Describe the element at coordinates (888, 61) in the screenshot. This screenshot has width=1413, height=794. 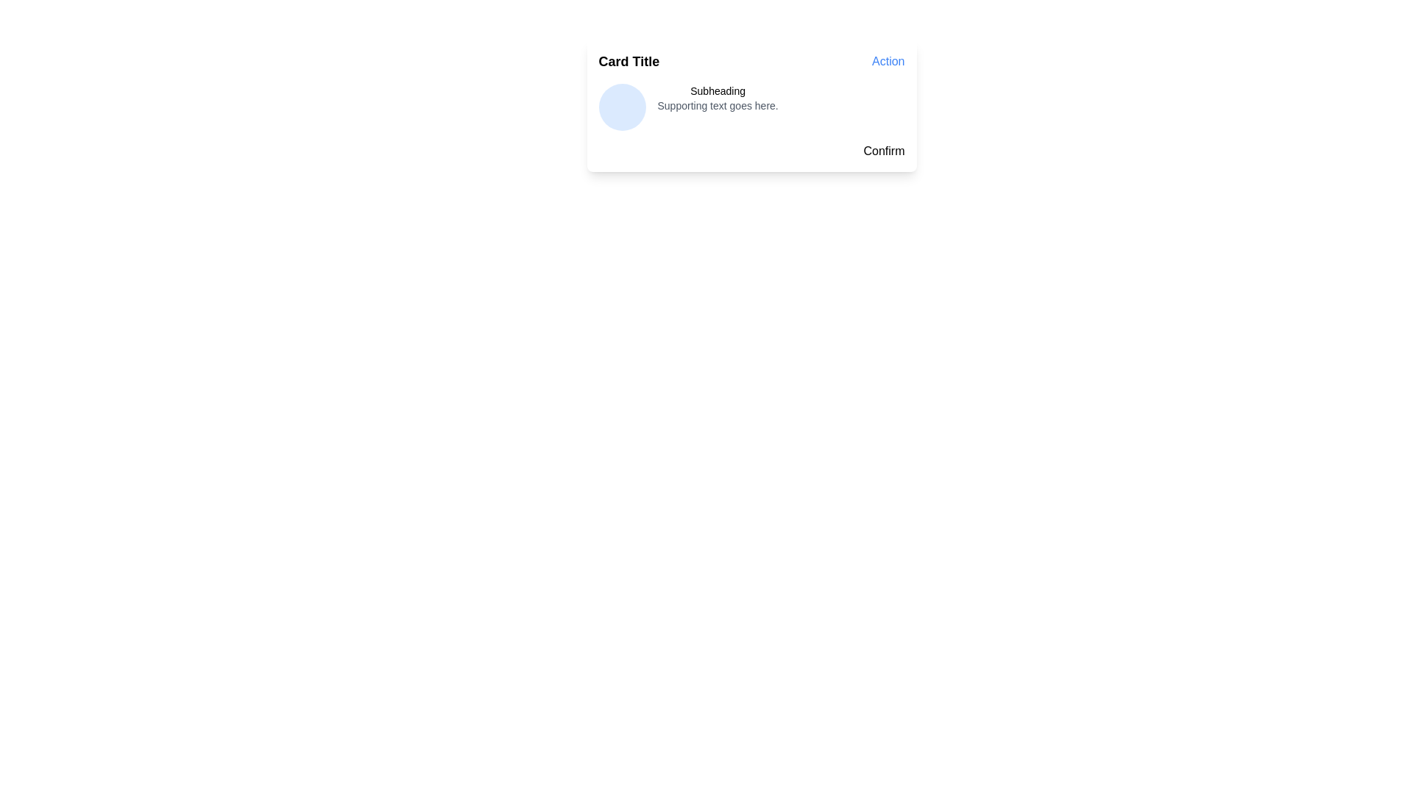
I see `the blue-colored text label 'Action' located in the top-right section of the card component` at that location.